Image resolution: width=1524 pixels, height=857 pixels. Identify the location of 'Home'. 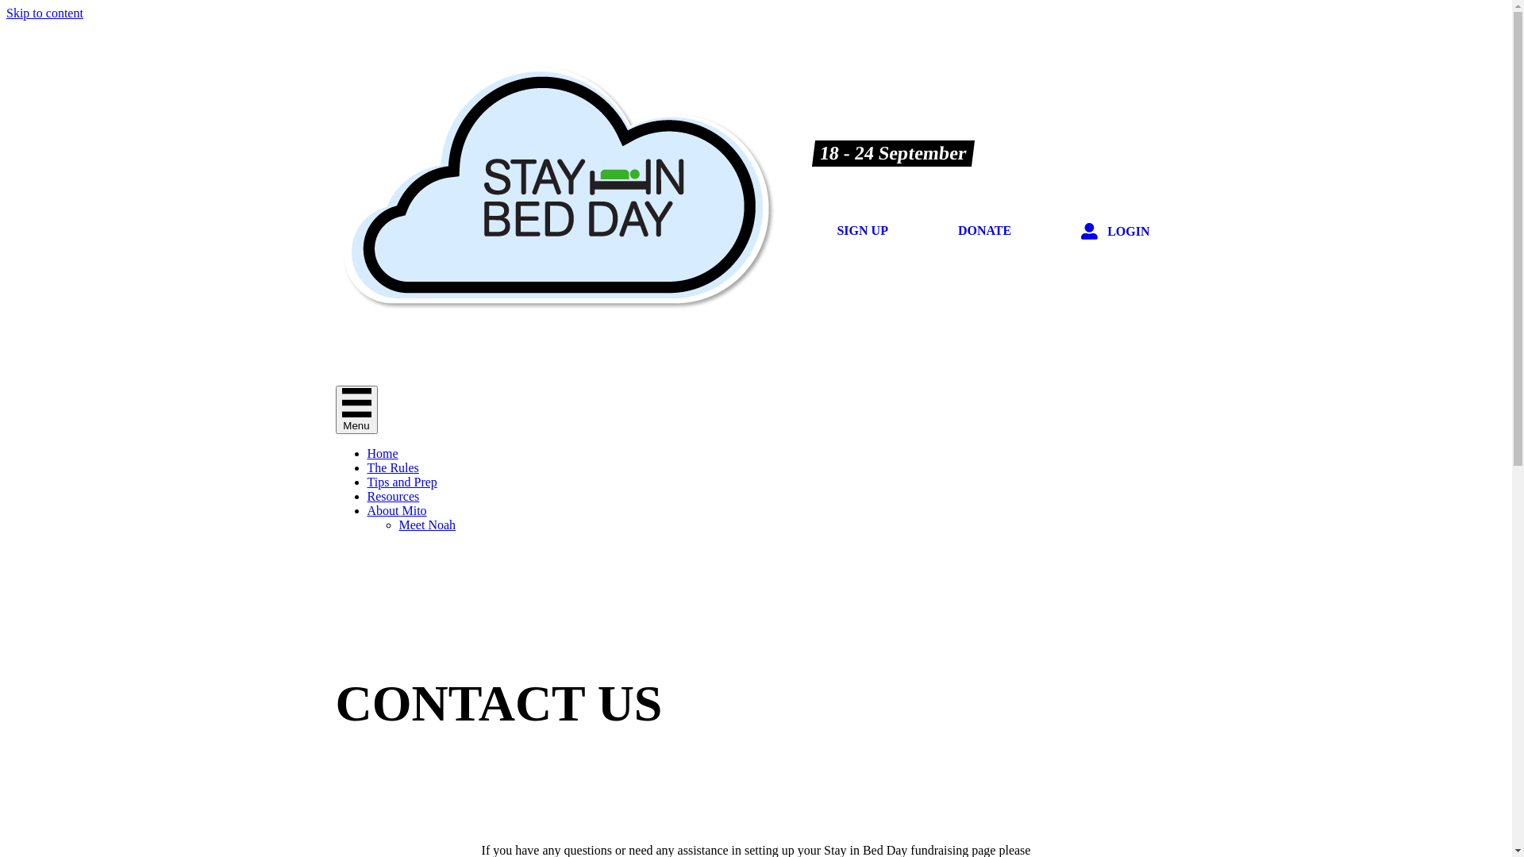
(382, 453).